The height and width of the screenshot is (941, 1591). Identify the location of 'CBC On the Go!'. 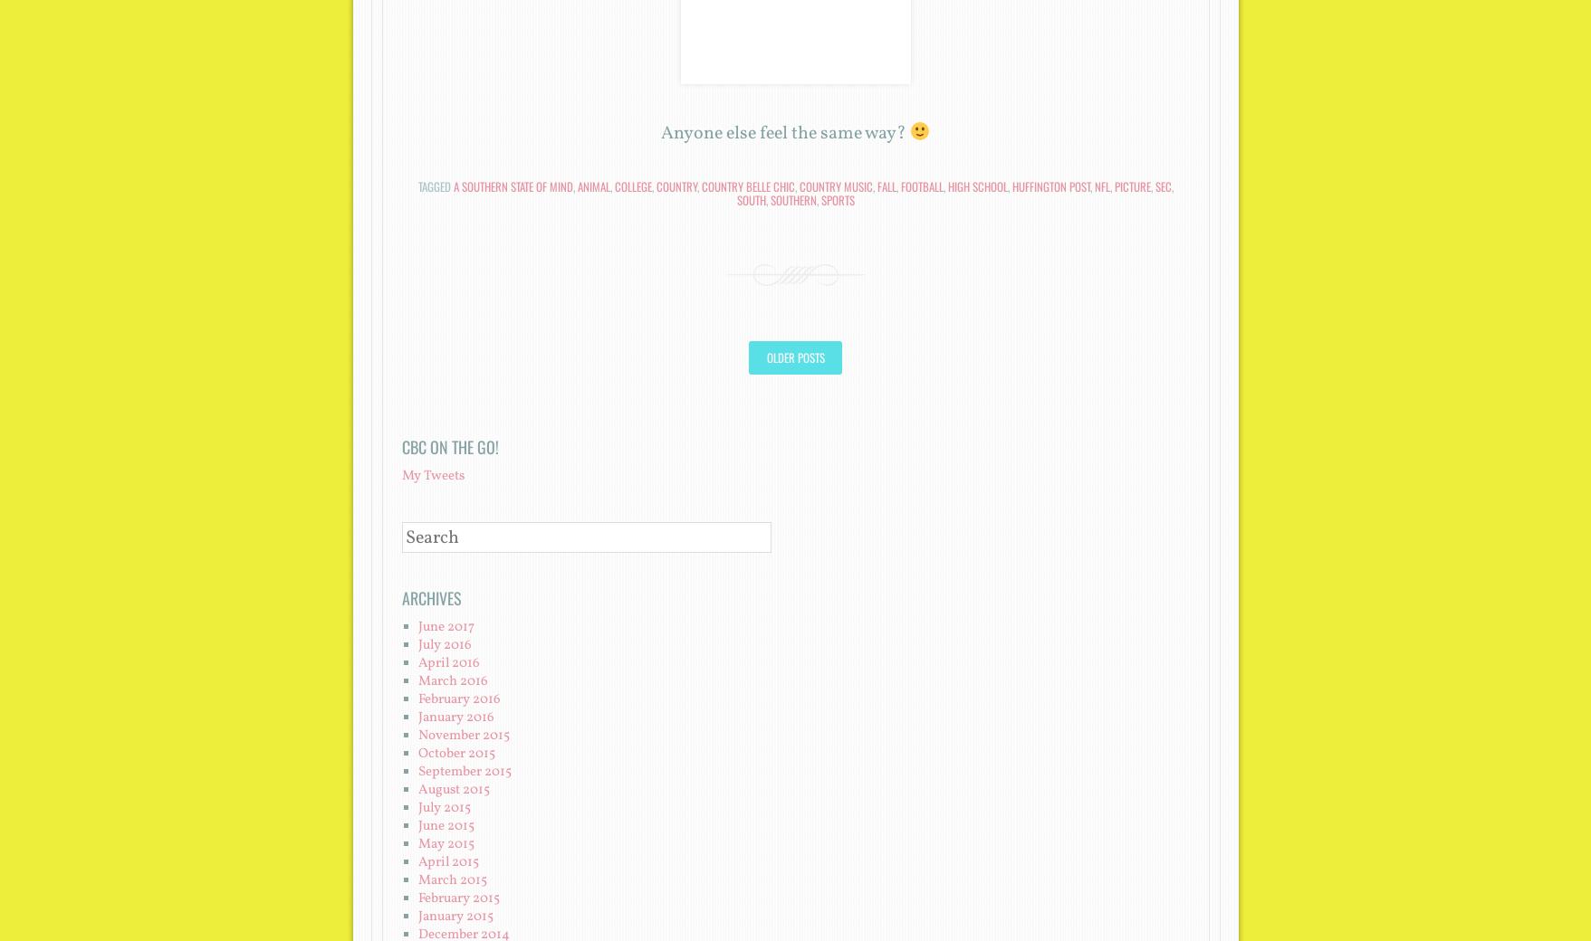
(448, 447).